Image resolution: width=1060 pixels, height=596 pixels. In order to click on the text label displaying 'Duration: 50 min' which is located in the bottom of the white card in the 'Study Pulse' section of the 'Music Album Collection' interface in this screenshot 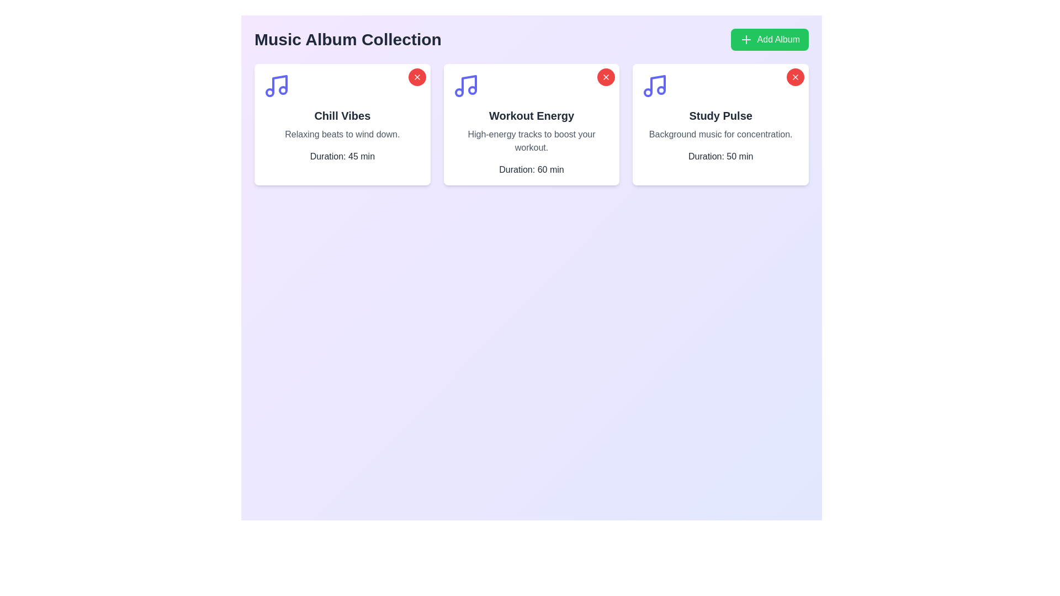, I will do `click(720, 157)`.